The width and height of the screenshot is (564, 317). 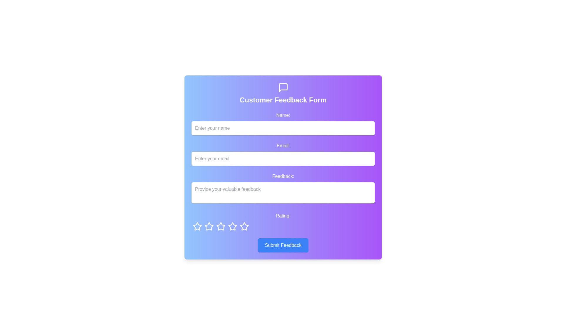 I want to click on the fifth star icon in the rating system, so click(x=232, y=226).